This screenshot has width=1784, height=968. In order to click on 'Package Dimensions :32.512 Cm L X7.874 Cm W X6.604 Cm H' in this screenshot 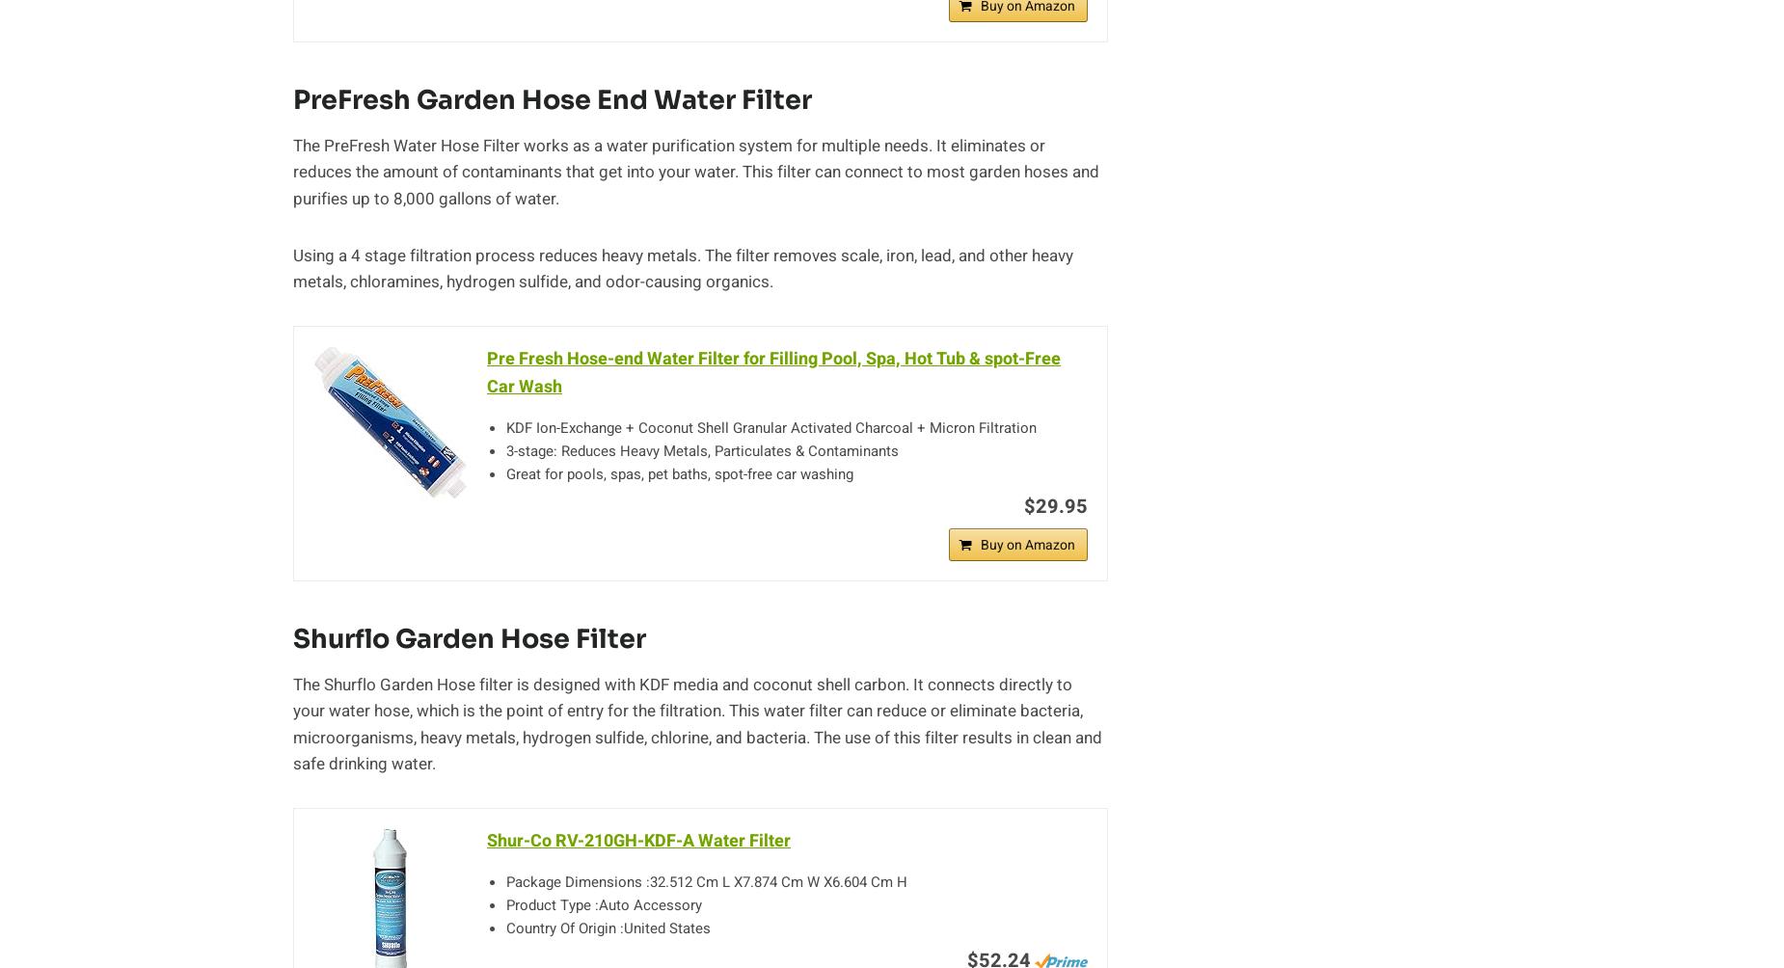, I will do `click(506, 880)`.